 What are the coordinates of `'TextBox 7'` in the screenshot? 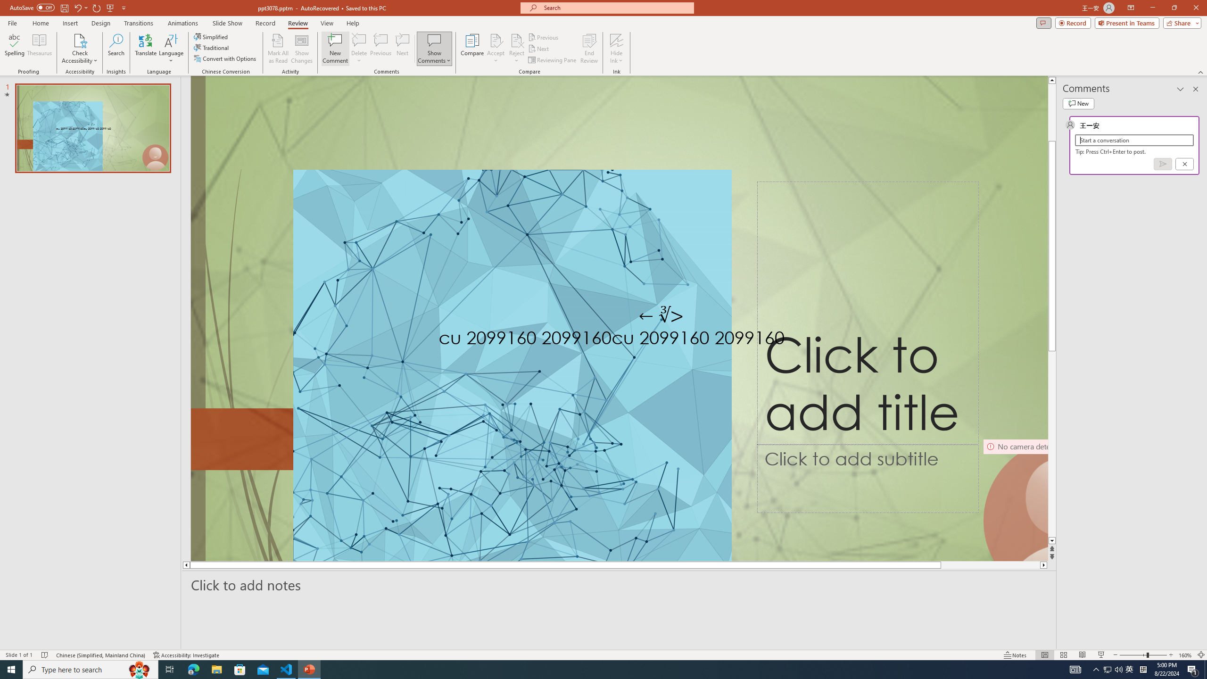 It's located at (661, 316).